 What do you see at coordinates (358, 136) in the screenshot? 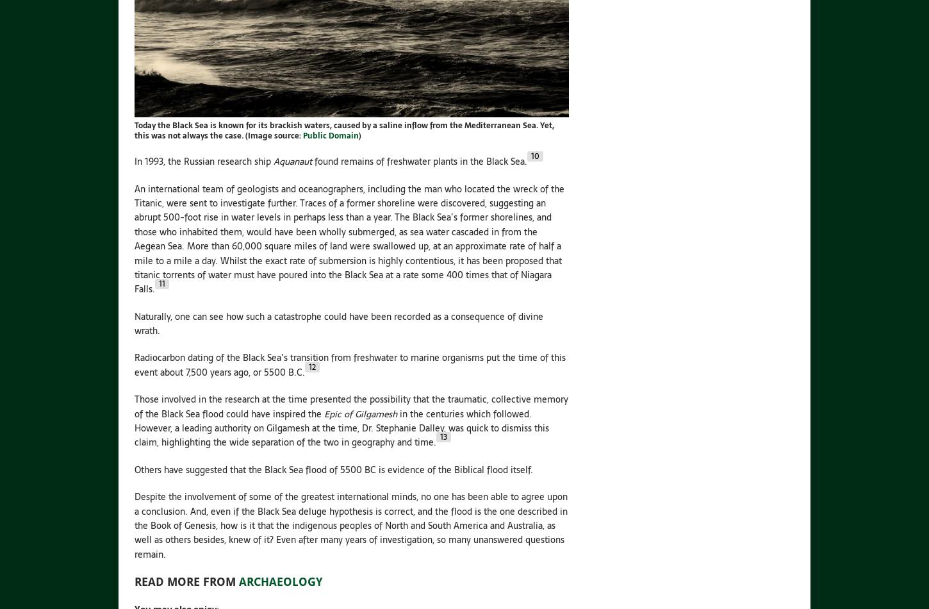
I see `')'` at bounding box center [358, 136].